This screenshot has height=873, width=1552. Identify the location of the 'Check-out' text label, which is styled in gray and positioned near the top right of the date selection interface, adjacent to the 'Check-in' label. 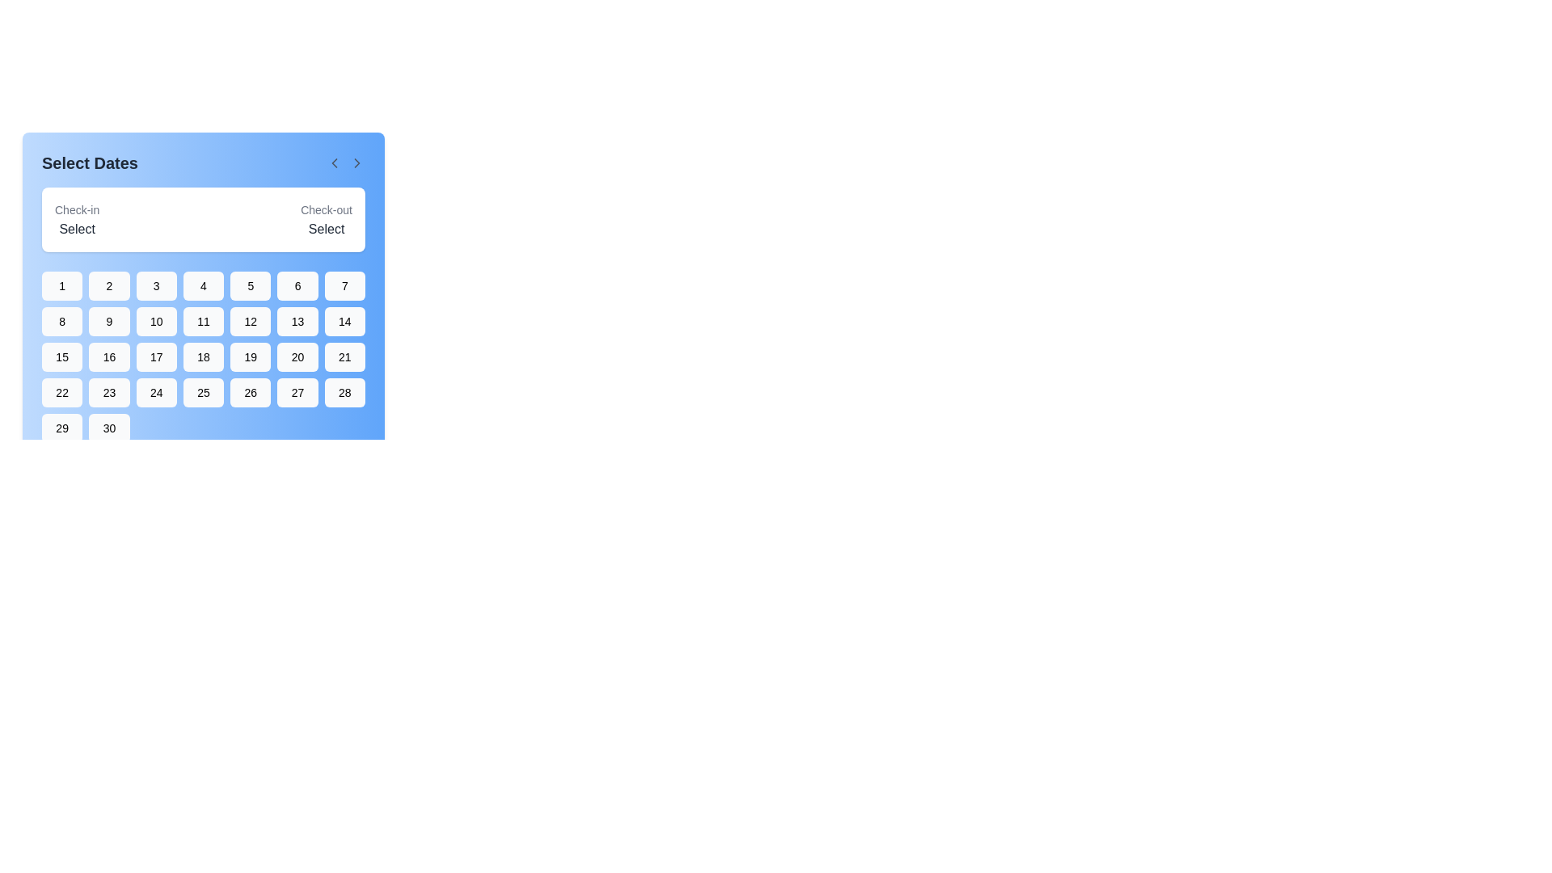
(326, 209).